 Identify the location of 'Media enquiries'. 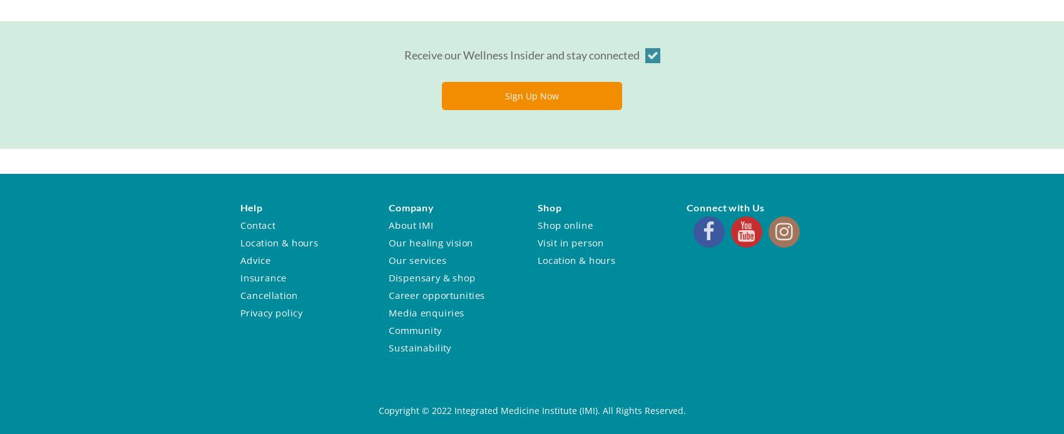
(426, 312).